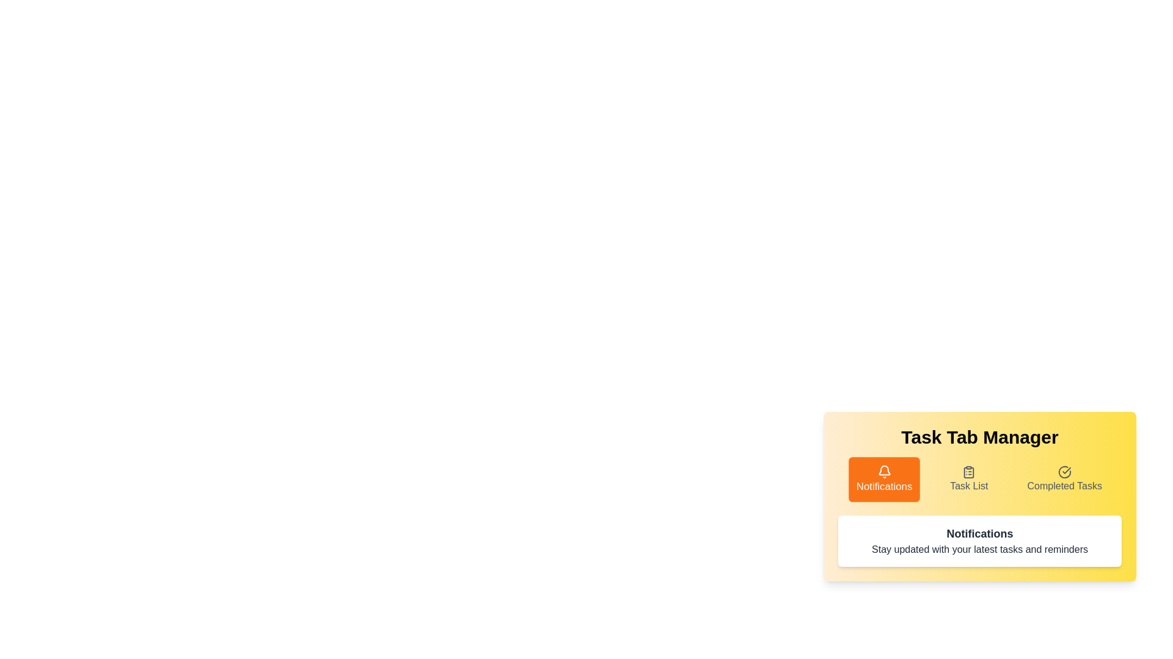  I want to click on the tab labeled Task List by clicking on it, so click(968, 479).